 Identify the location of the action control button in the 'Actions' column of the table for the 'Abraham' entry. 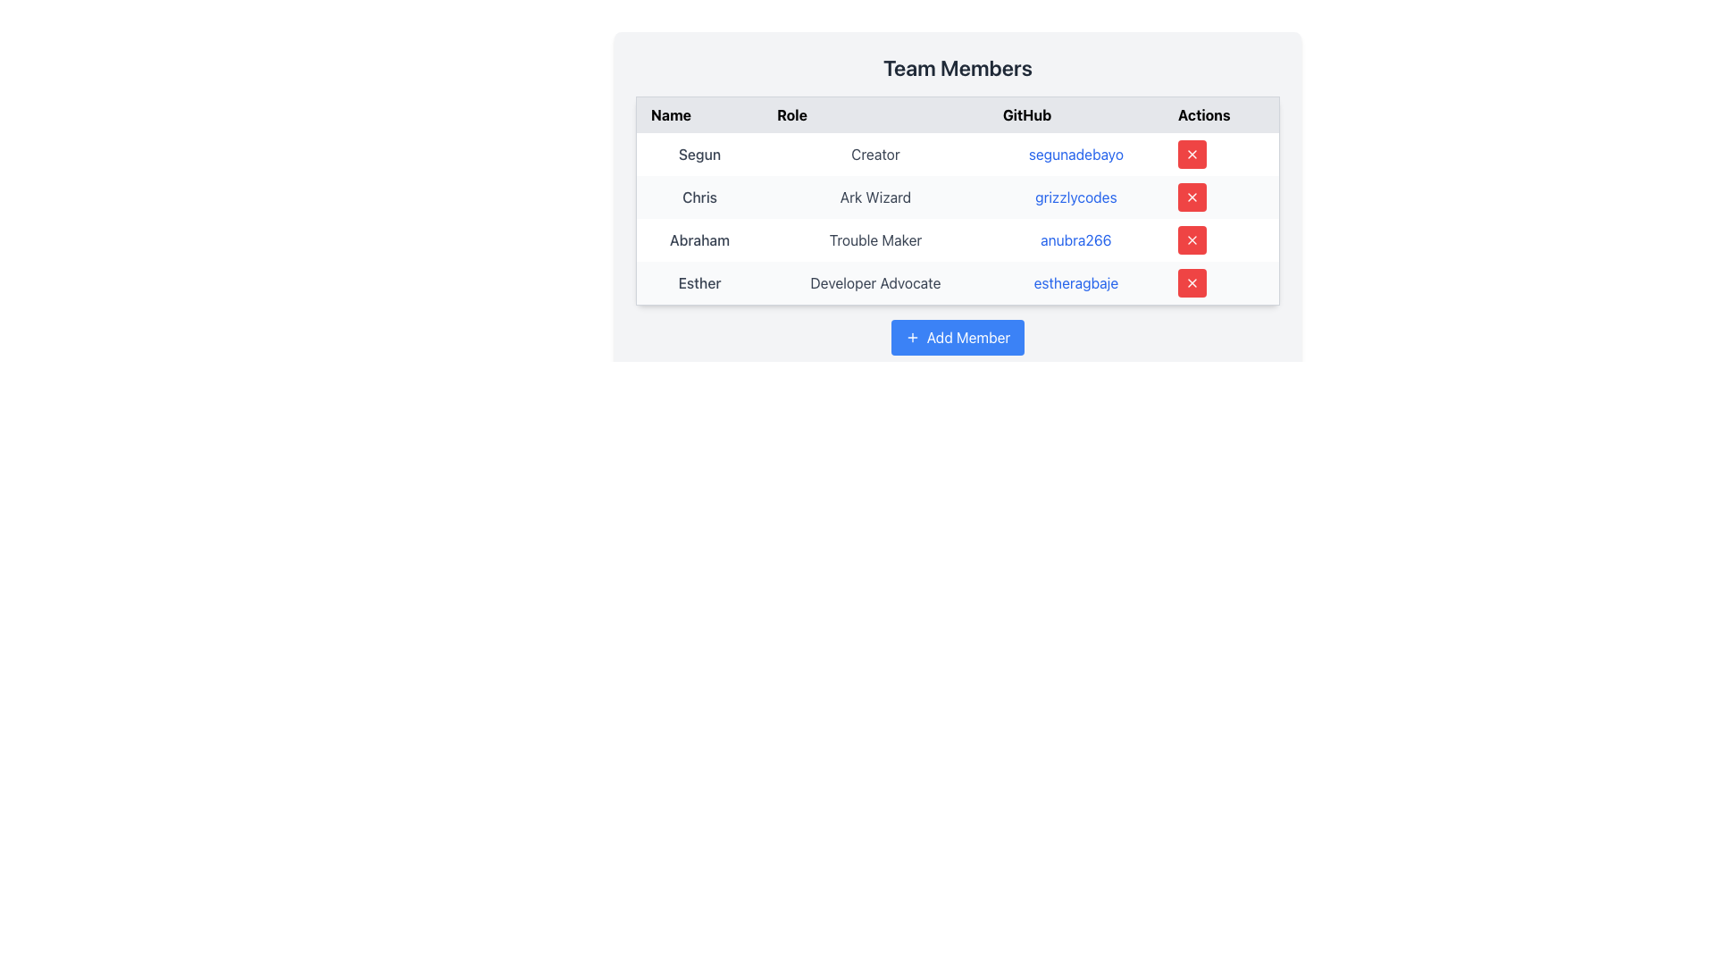
(1192, 239).